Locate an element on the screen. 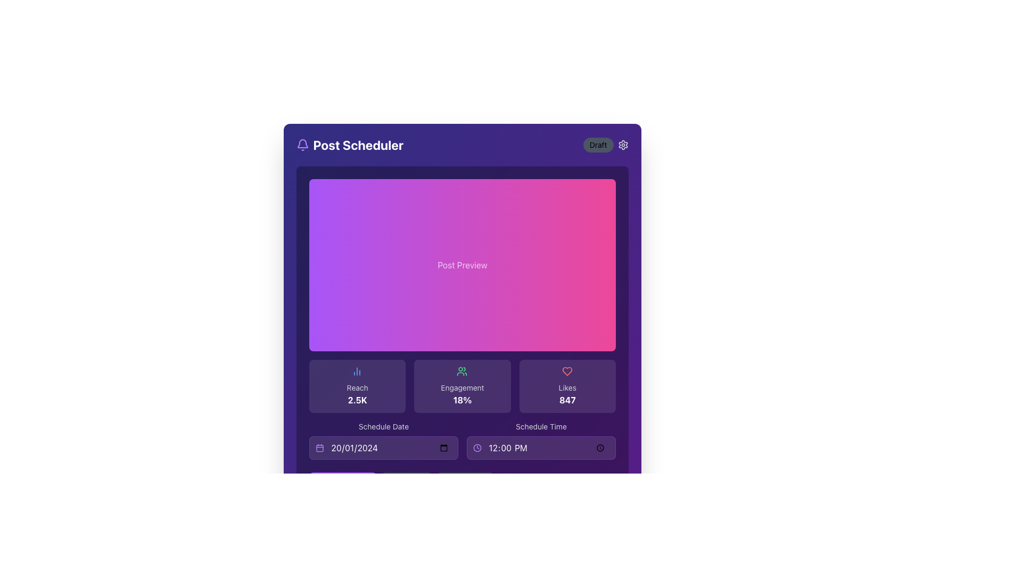 This screenshot has width=1022, height=574. the Date input field styled with a purple background and border, containing the date value '20/01/2024', located near the bottom-left of the 'Schedule Date' section is located at coordinates (383, 448).